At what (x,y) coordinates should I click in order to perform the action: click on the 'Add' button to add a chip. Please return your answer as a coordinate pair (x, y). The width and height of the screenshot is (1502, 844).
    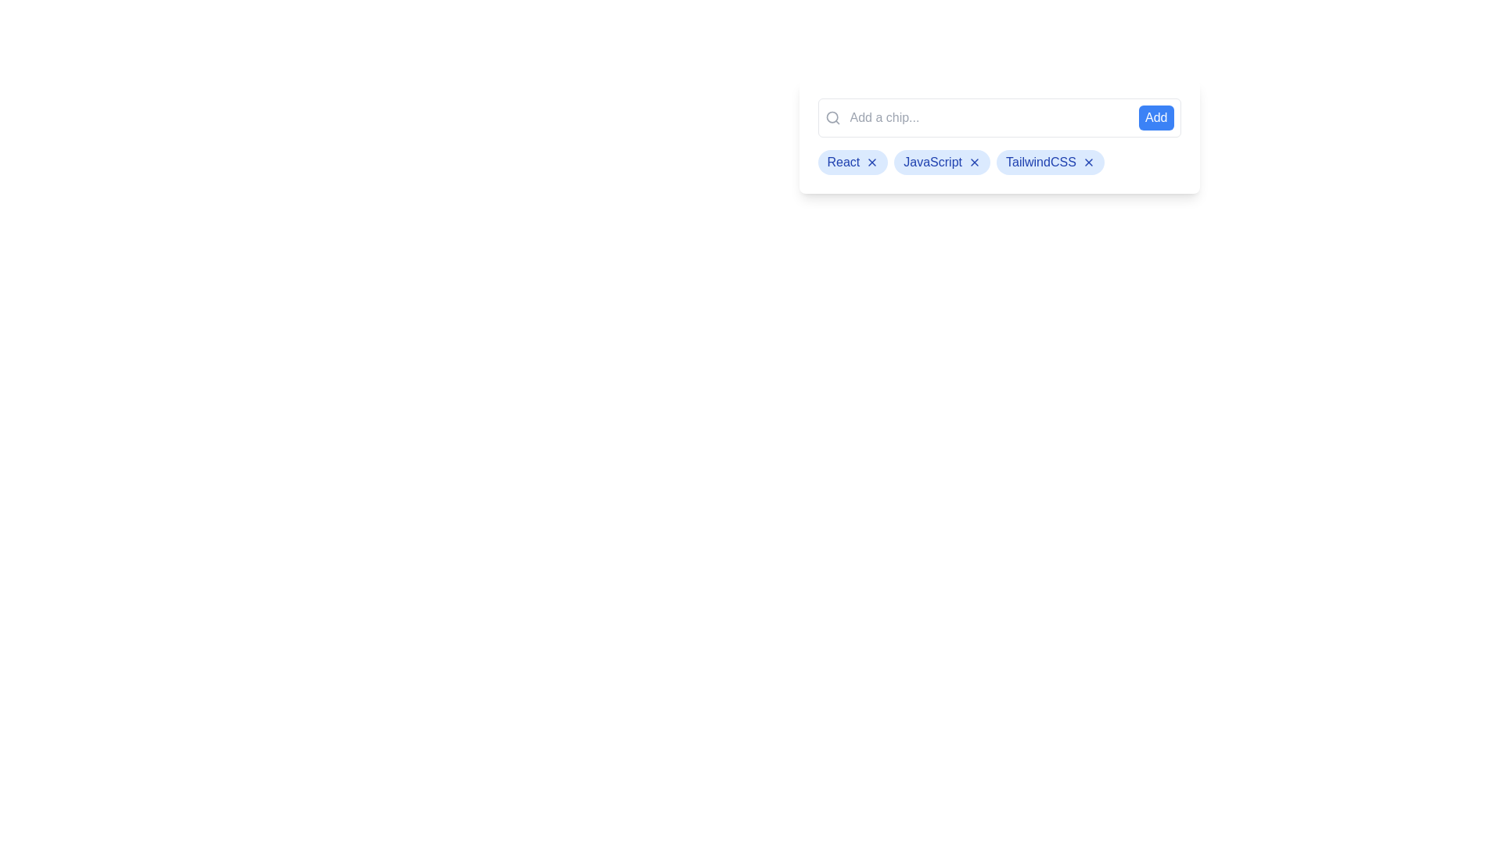
    Looking at the image, I should click on (1156, 116).